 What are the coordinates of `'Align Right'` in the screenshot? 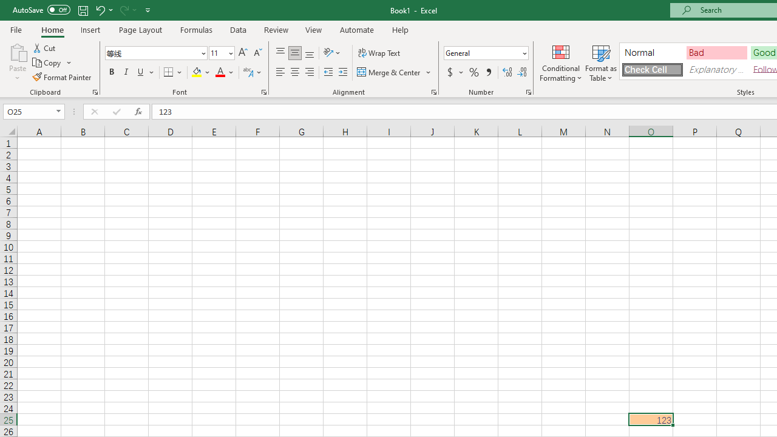 It's located at (310, 72).